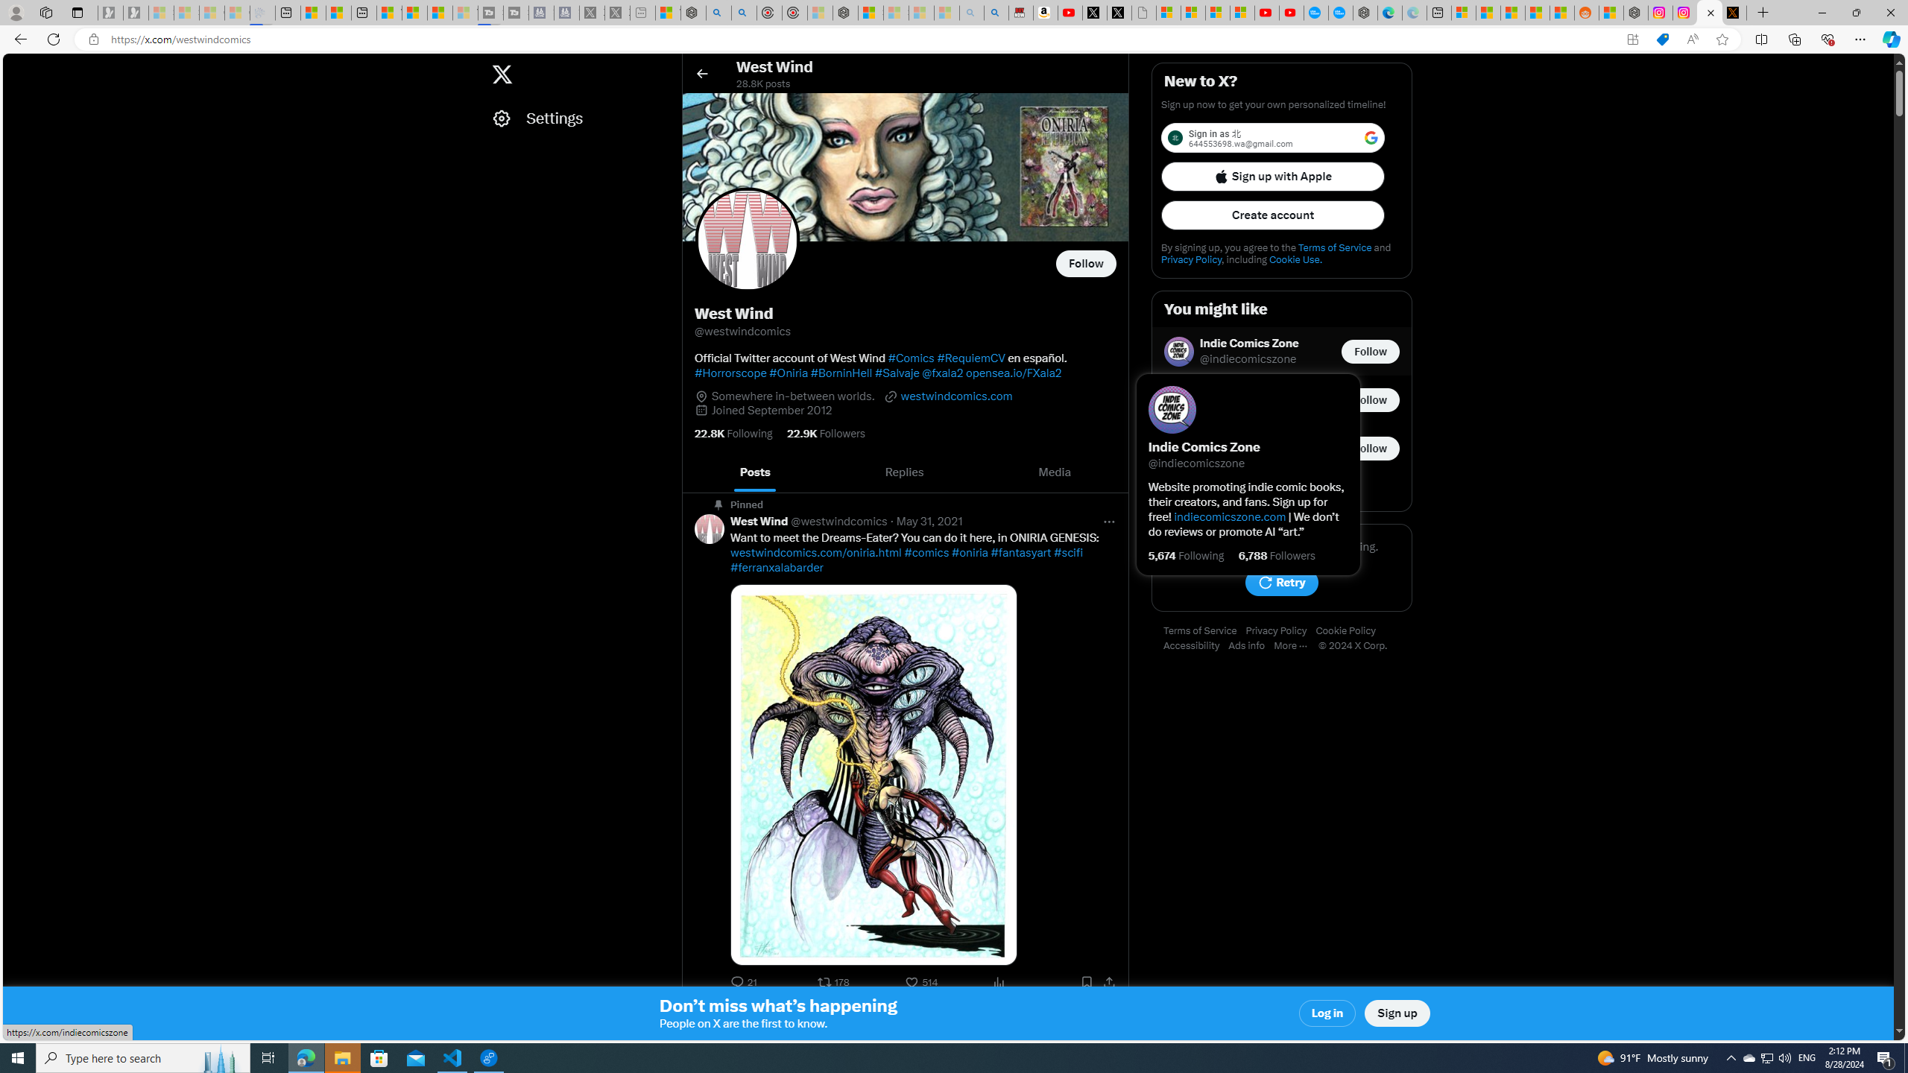  Describe the element at coordinates (747, 239) in the screenshot. I see `'Opens profile photo'` at that location.